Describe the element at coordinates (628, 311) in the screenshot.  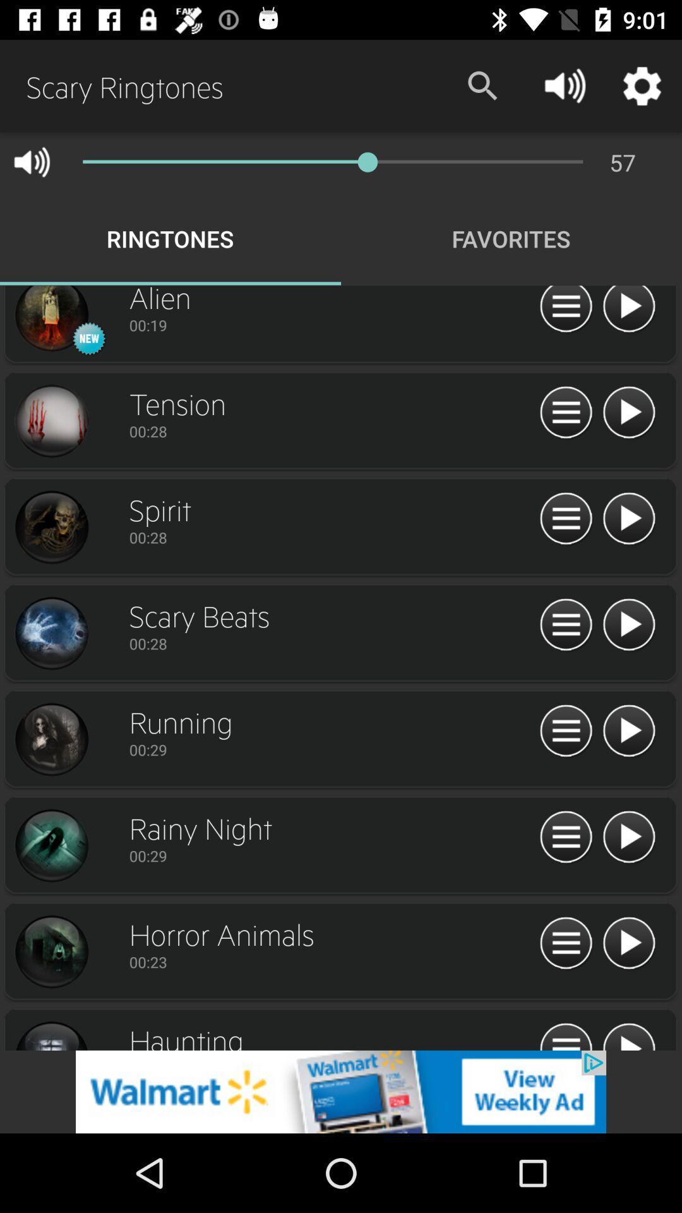
I see `alien` at that location.